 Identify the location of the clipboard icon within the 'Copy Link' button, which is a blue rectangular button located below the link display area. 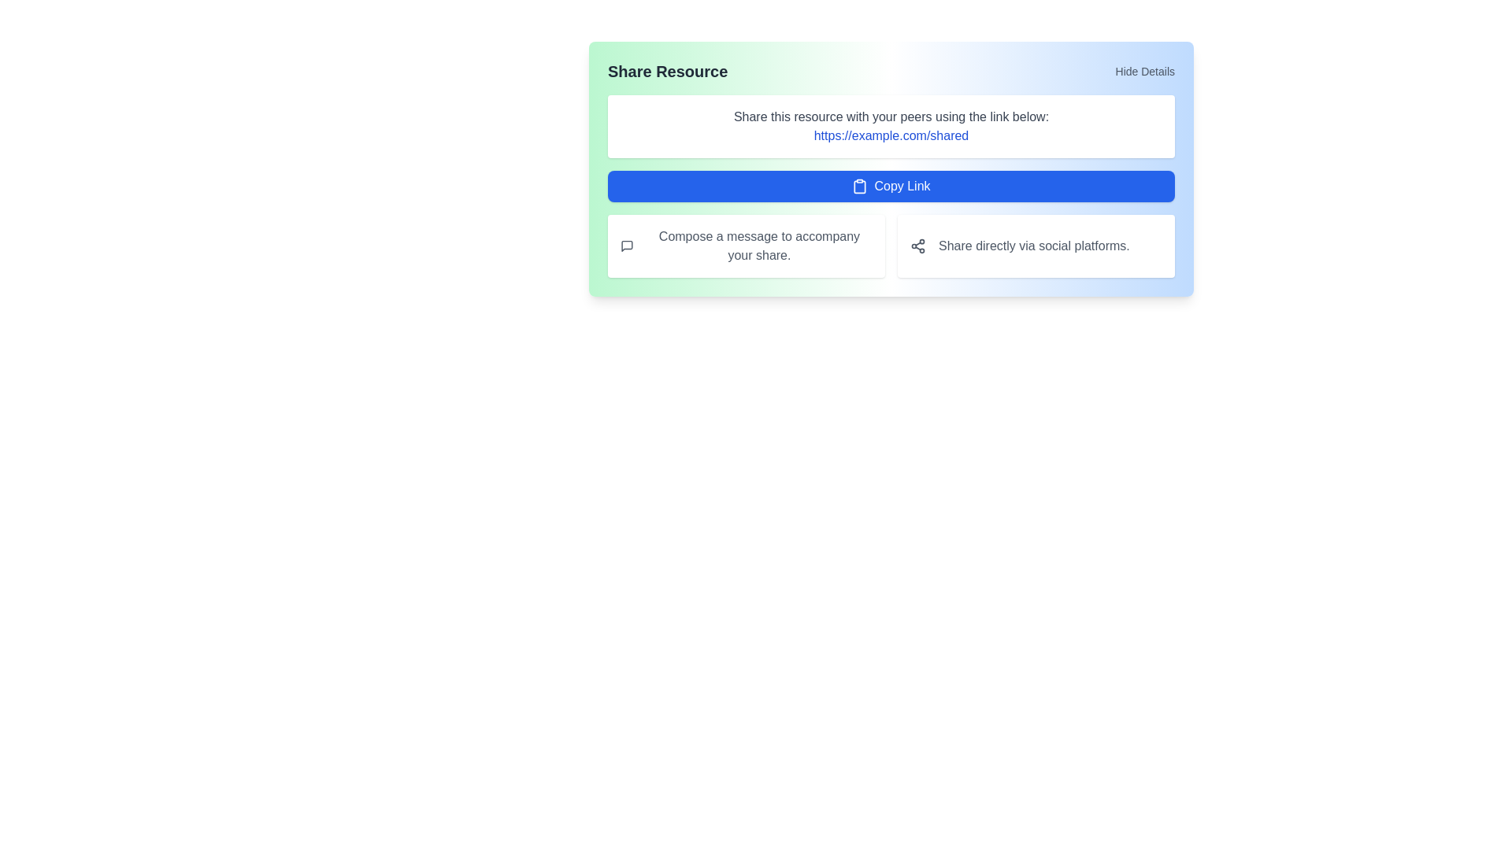
(859, 185).